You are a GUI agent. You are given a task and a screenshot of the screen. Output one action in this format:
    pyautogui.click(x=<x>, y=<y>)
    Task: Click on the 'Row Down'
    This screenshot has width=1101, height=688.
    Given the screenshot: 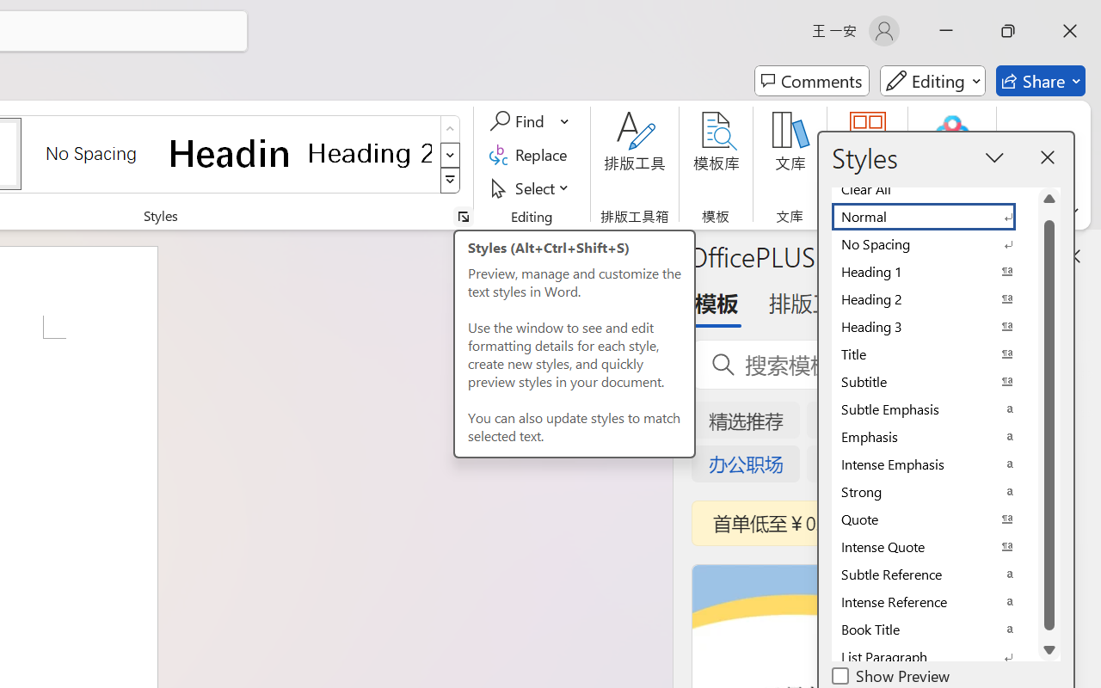 What is the action you would take?
    pyautogui.click(x=450, y=154)
    